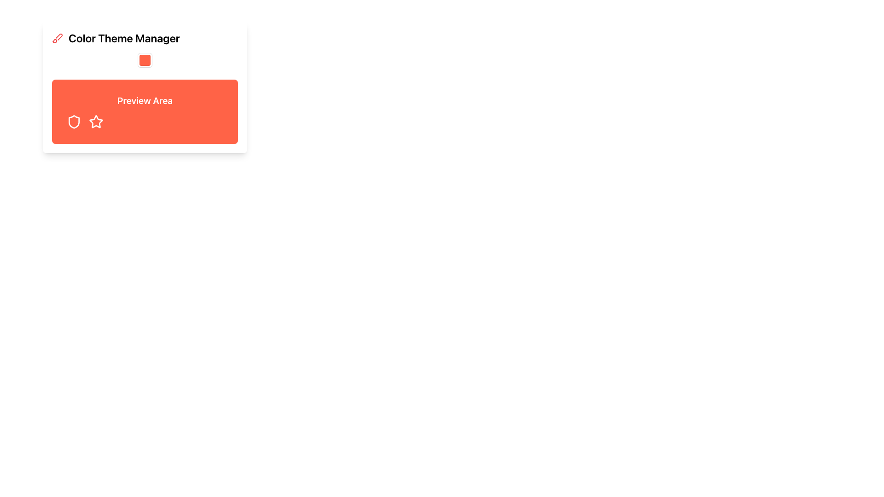  I want to click on the shield icon located in the lower section of the 'Color Theme Manager' card, positioned to the left of the star icon within the 'Preview Area', so click(74, 121).